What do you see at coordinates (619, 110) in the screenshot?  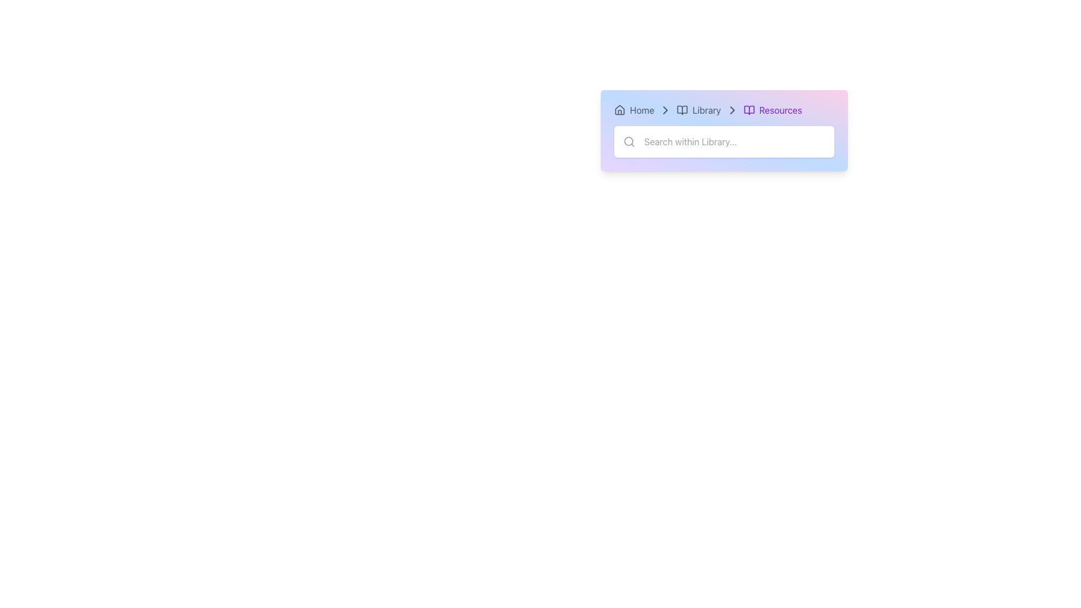 I see `the 'Home' icon located at the far left of the navigation bar` at bounding box center [619, 110].